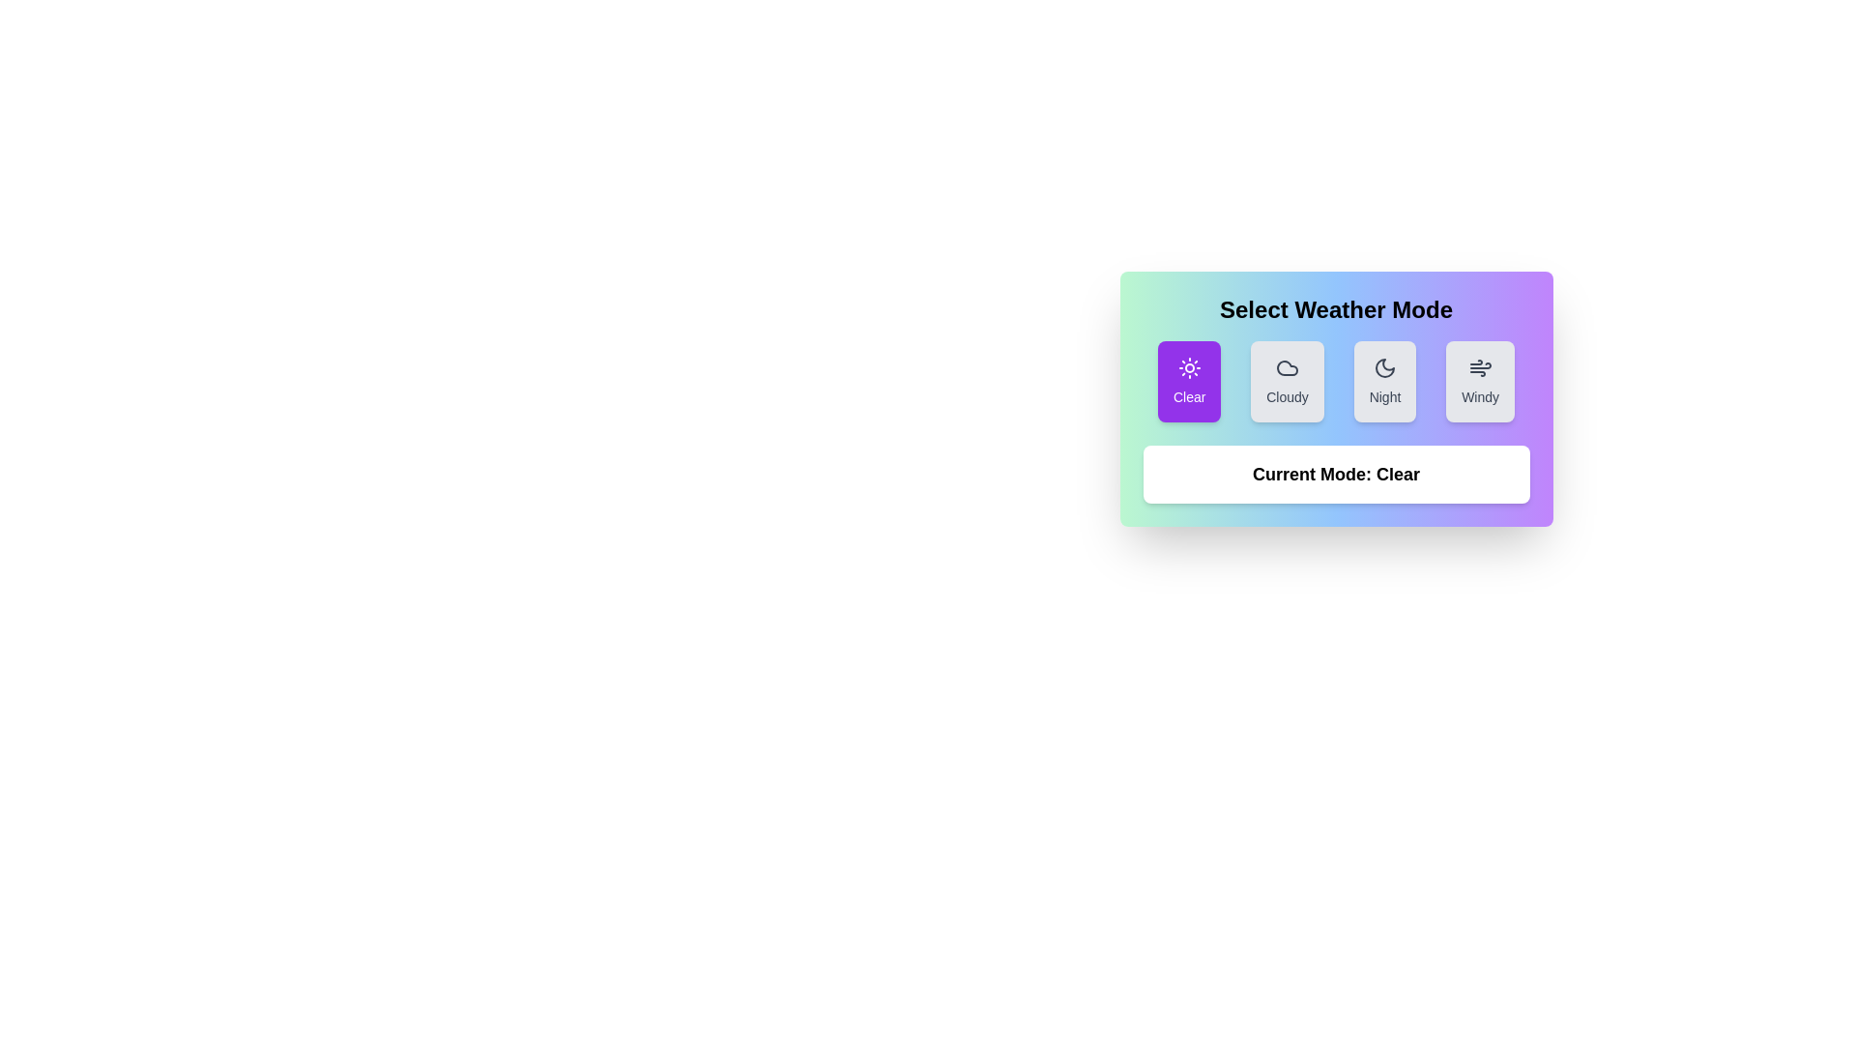  I want to click on the SVG icon representing the 'Cloudy' weather condition, which is located within the second button labeled 'Cloudy' in the weather selection interface, so click(1287, 368).